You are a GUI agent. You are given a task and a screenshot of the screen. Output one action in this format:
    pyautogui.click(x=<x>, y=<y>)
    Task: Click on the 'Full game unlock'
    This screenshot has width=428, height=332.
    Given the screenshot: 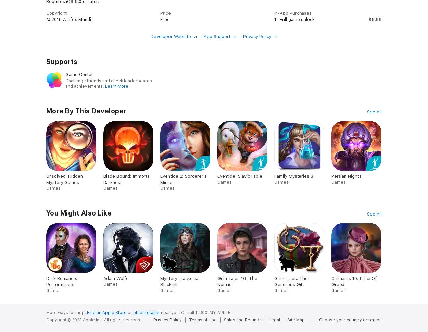 What is the action you would take?
    pyautogui.click(x=297, y=19)
    